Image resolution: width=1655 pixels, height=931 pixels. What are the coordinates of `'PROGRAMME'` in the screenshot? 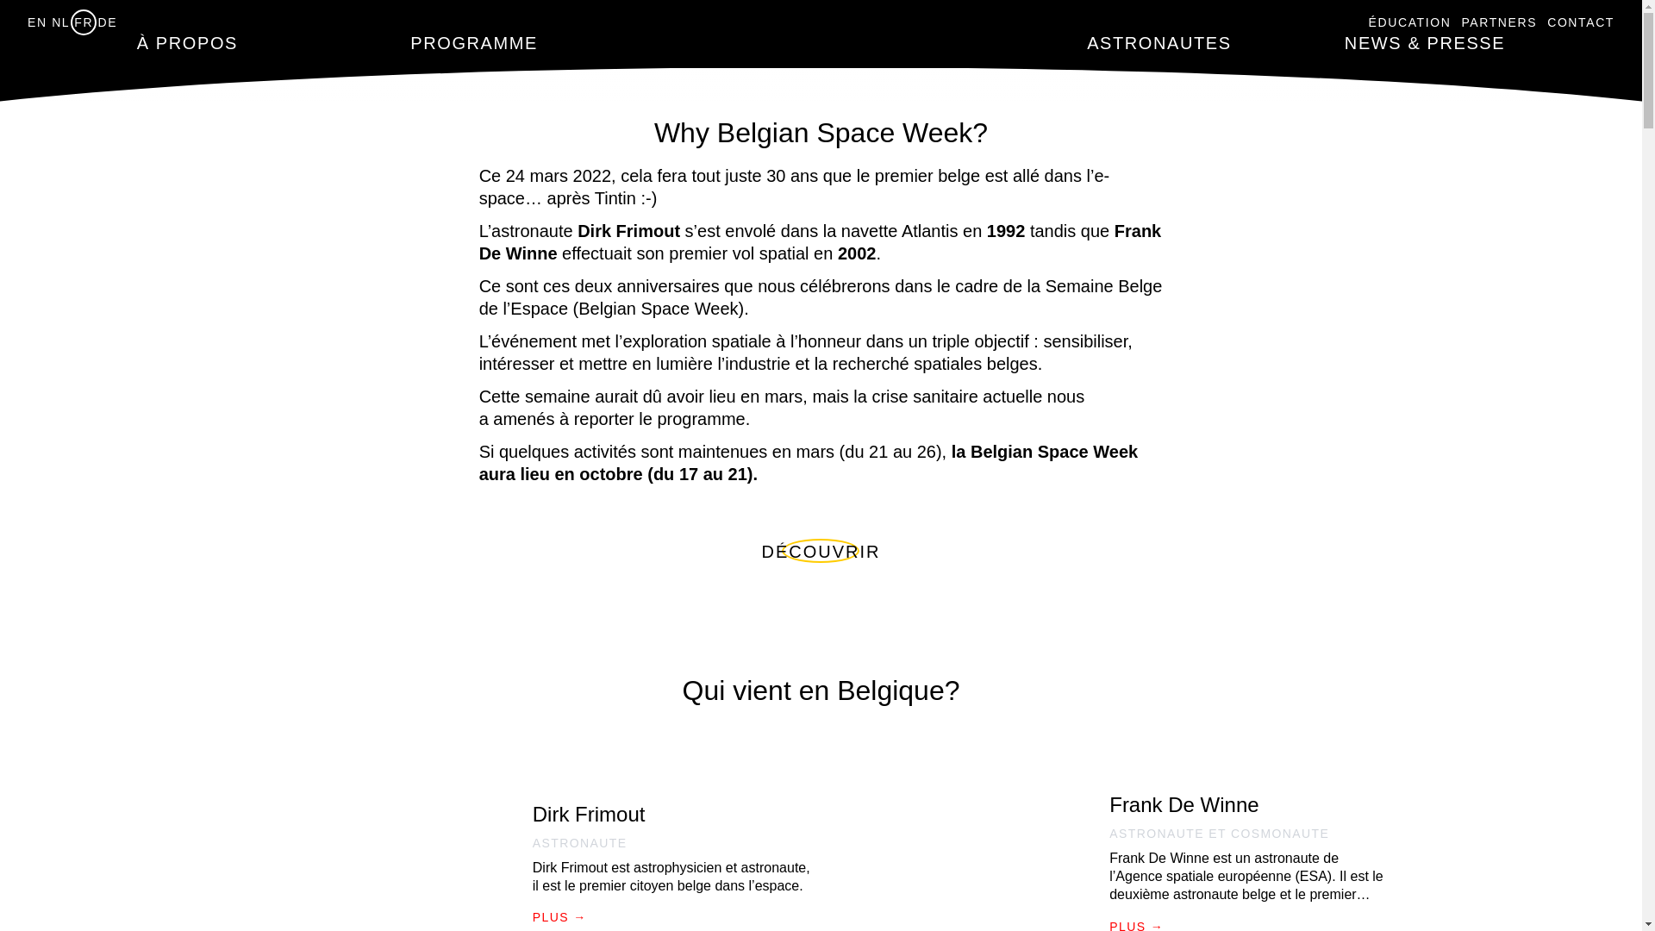 It's located at (409, 42).